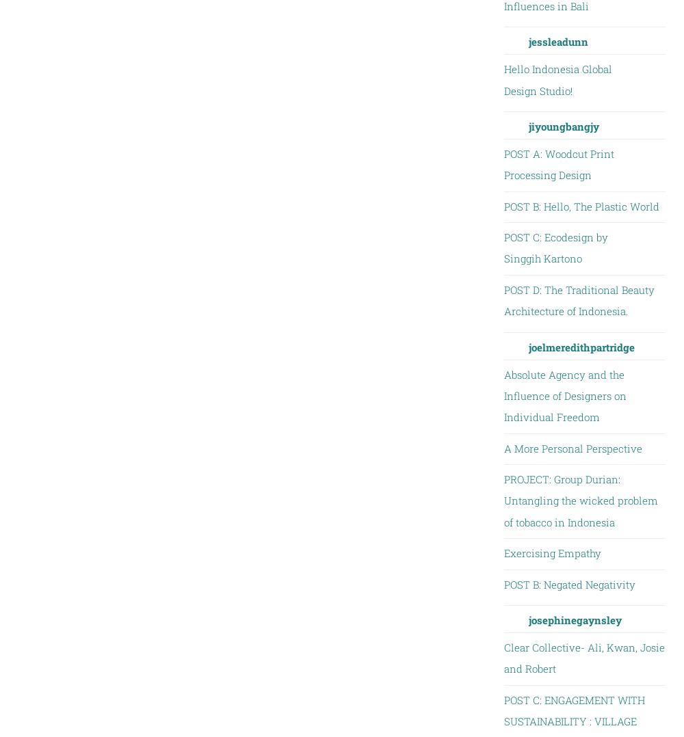  What do you see at coordinates (583, 657) in the screenshot?
I see `'Clear Collective- Ali, Kwan, Josie and Robert'` at bounding box center [583, 657].